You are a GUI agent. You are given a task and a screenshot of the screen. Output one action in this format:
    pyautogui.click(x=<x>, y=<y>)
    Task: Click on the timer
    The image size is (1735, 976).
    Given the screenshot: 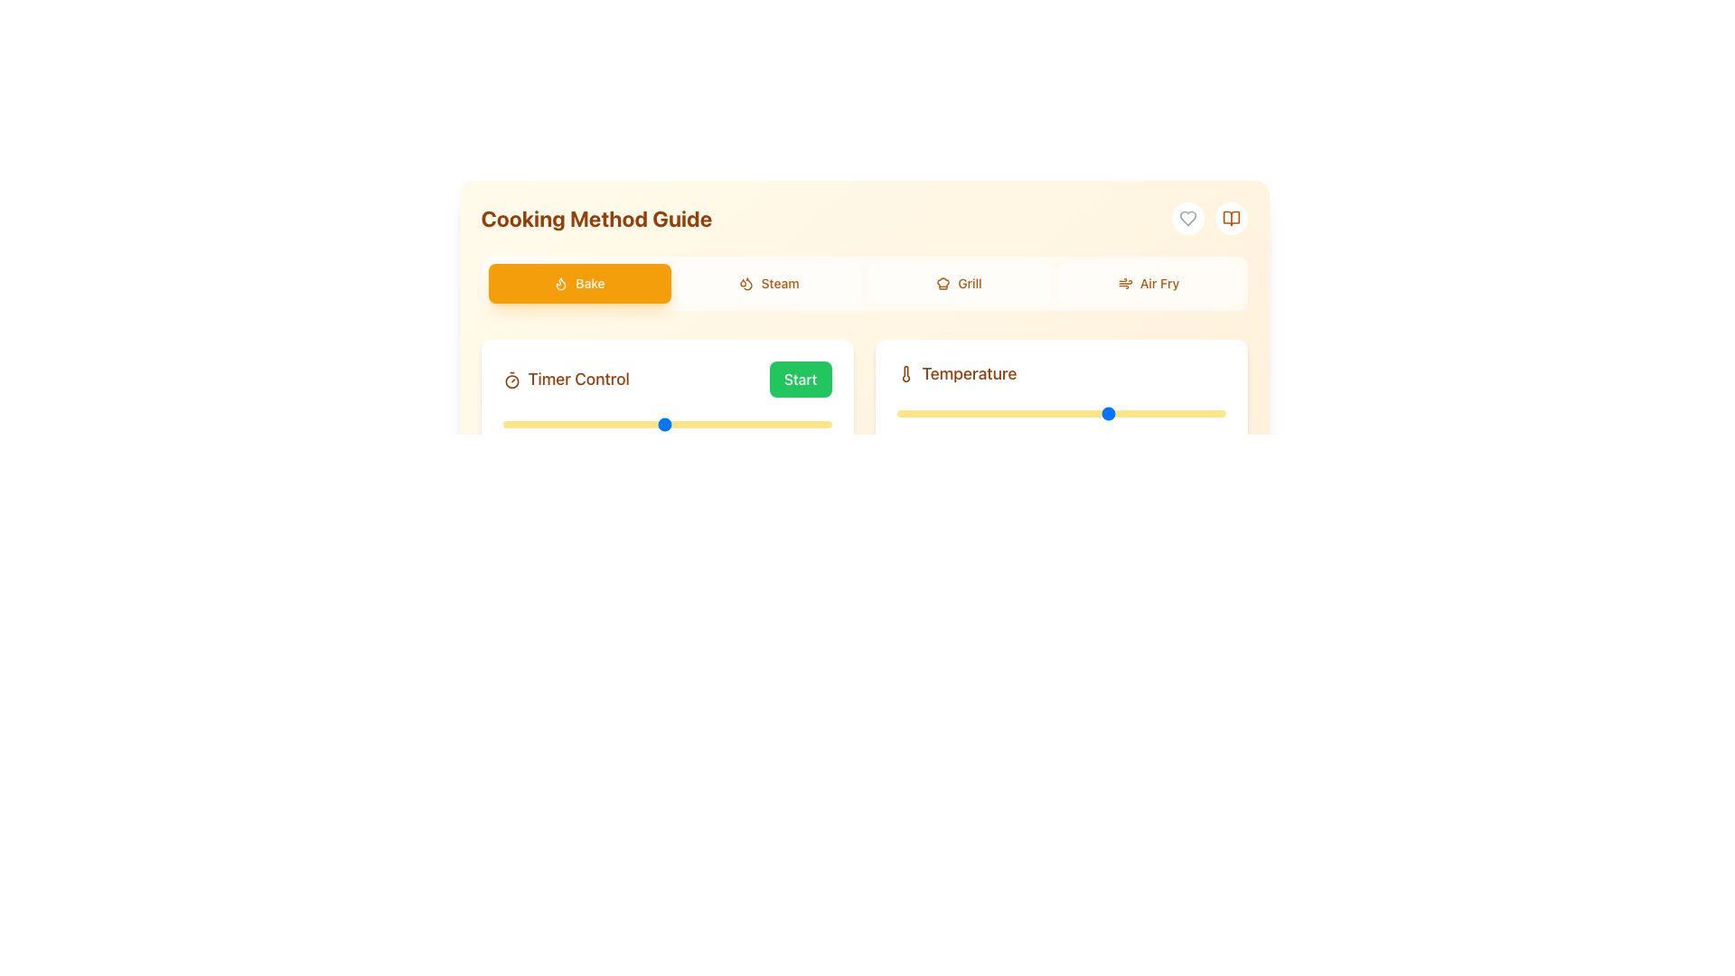 What is the action you would take?
    pyautogui.click(x=524, y=425)
    